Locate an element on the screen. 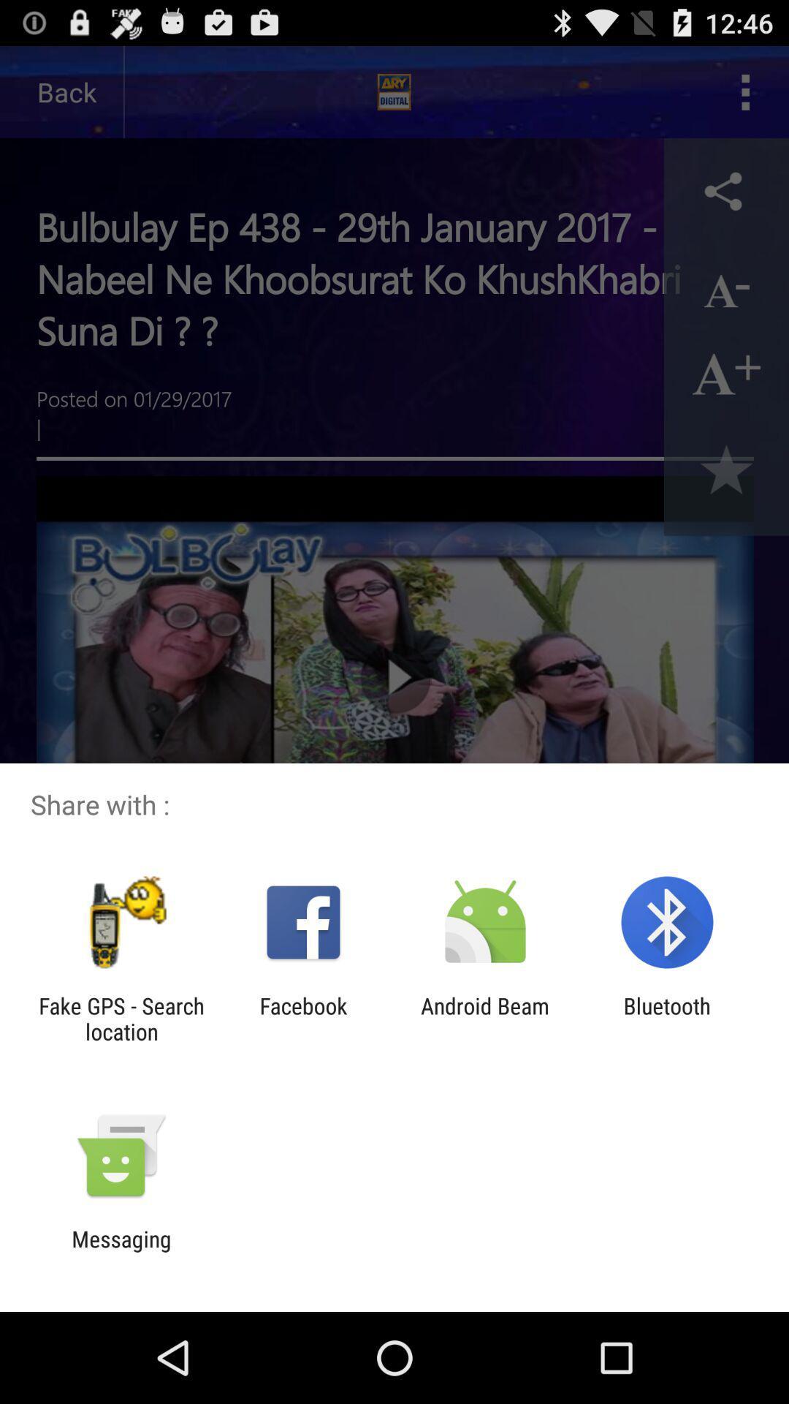 This screenshot has height=1404, width=789. the icon to the left of the bluetooth is located at coordinates (485, 1018).